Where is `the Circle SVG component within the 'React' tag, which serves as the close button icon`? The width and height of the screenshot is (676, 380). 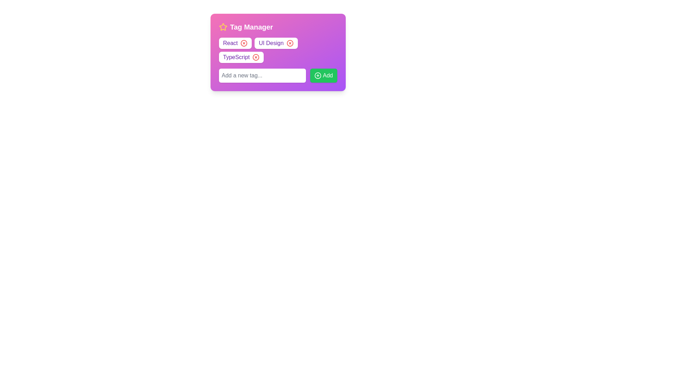 the Circle SVG component within the 'React' tag, which serves as the close button icon is located at coordinates (244, 43).